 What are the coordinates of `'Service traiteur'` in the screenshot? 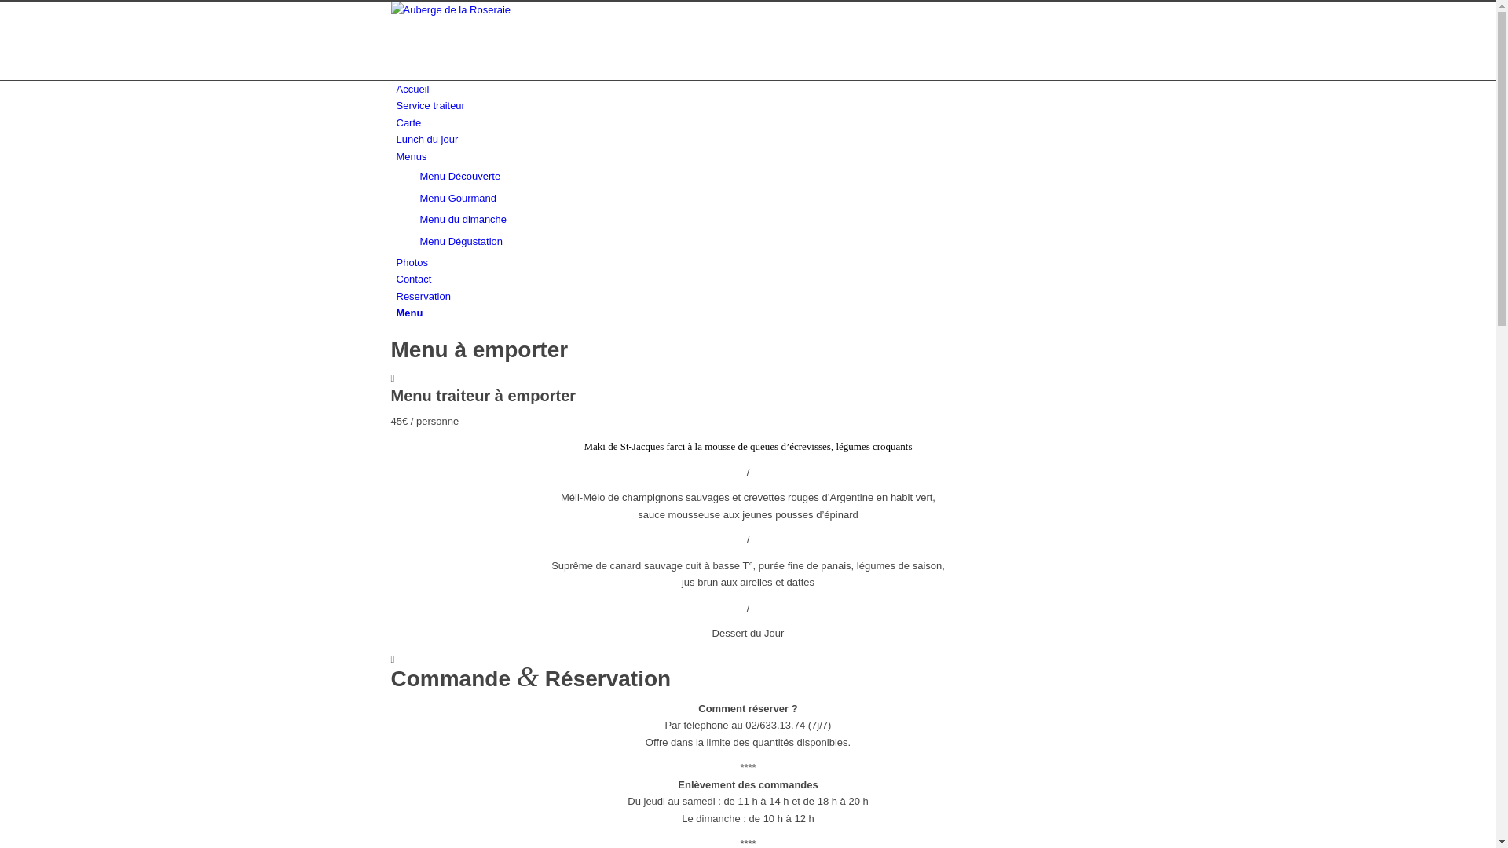 It's located at (396, 105).